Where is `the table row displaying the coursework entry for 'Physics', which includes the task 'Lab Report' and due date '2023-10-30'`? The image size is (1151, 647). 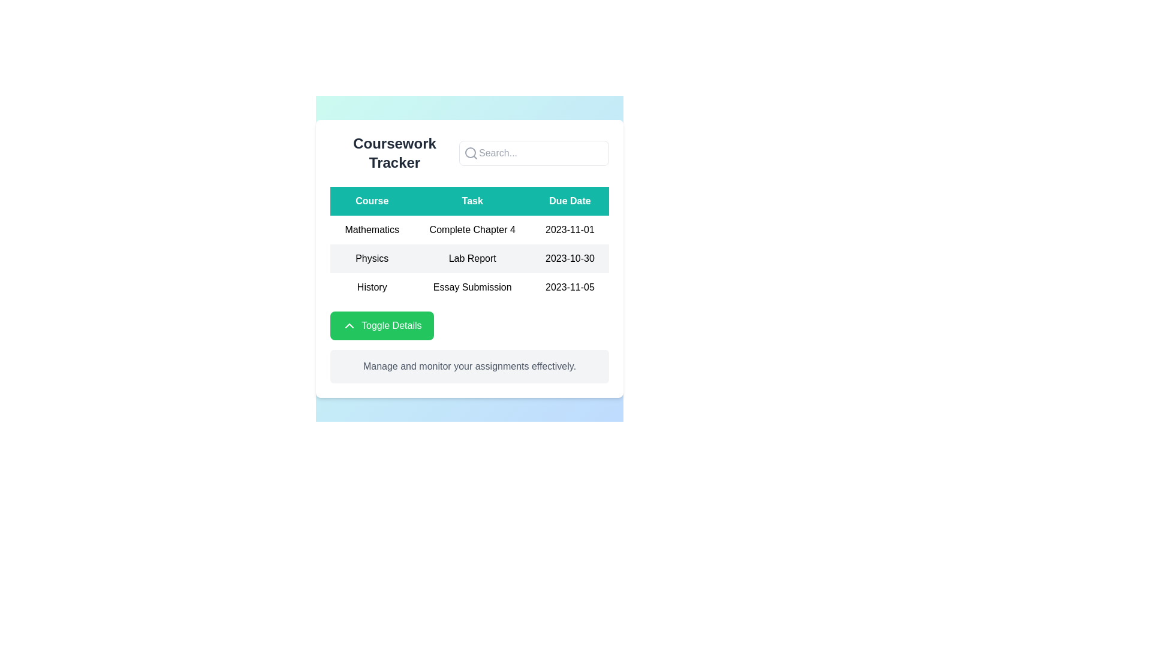 the table row displaying the coursework entry for 'Physics', which includes the task 'Lab Report' and due date '2023-10-30' is located at coordinates (469, 258).